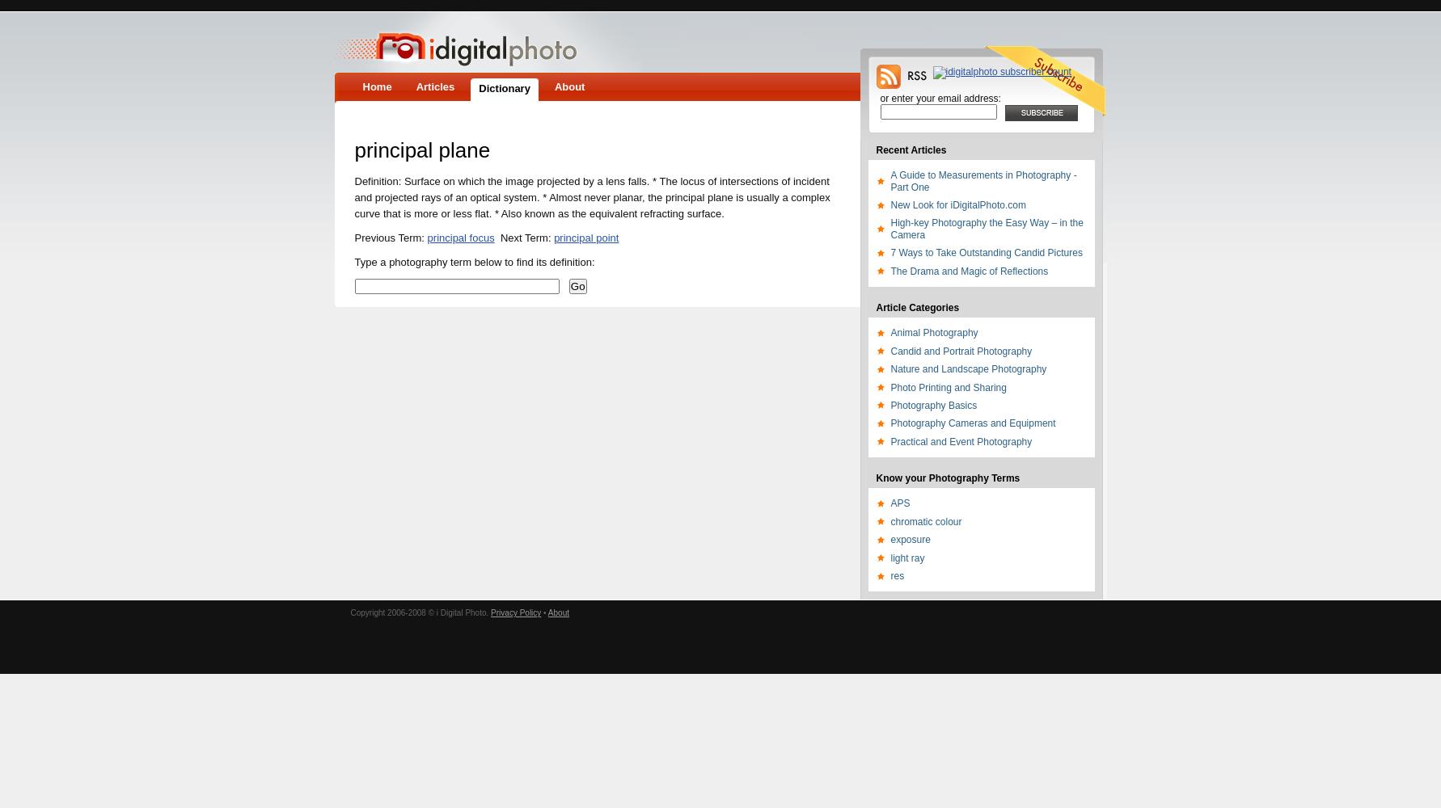 The height and width of the screenshot is (808, 1441). I want to click on 'Type a photography term below to find its definition:', so click(474, 261).